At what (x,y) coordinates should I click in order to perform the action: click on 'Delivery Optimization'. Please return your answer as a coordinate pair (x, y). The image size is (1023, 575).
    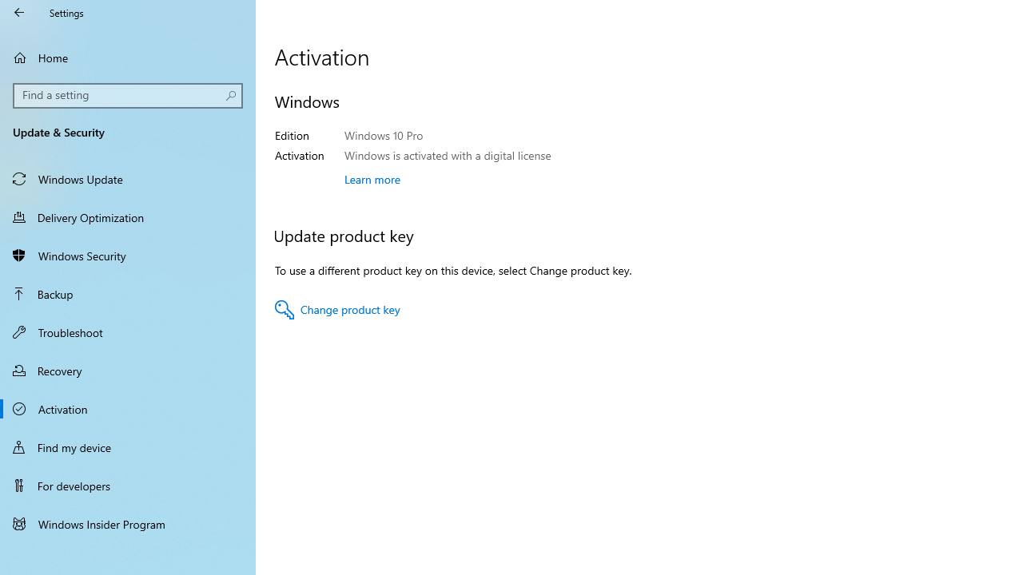
    Looking at the image, I should click on (128, 216).